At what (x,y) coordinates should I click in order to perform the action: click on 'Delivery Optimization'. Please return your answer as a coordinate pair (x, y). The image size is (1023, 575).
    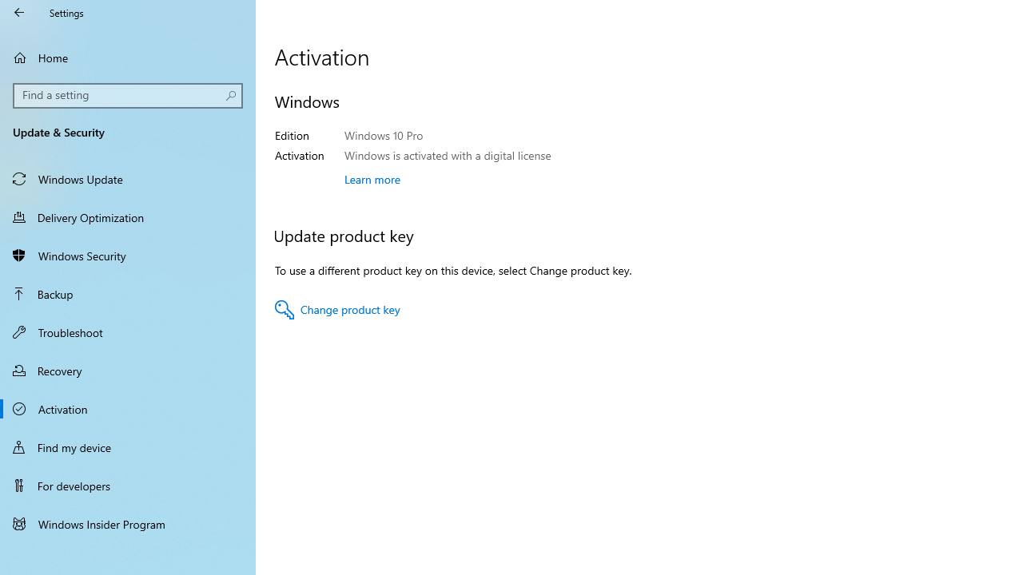
    Looking at the image, I should click on (128, 216).